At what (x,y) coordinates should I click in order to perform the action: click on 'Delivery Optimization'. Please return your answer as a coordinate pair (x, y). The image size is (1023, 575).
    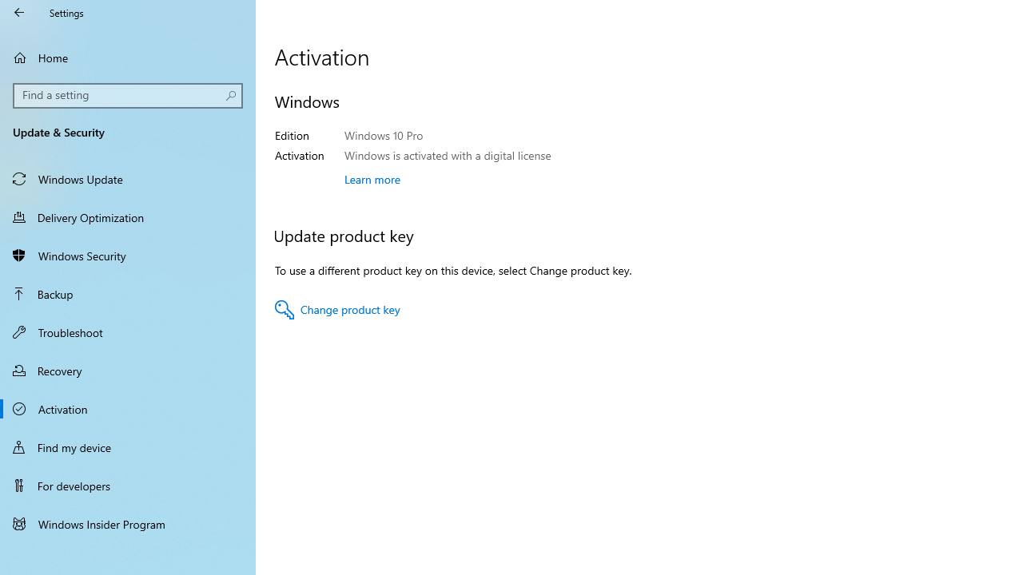
    Looking at the image, I should click on (128, 216).